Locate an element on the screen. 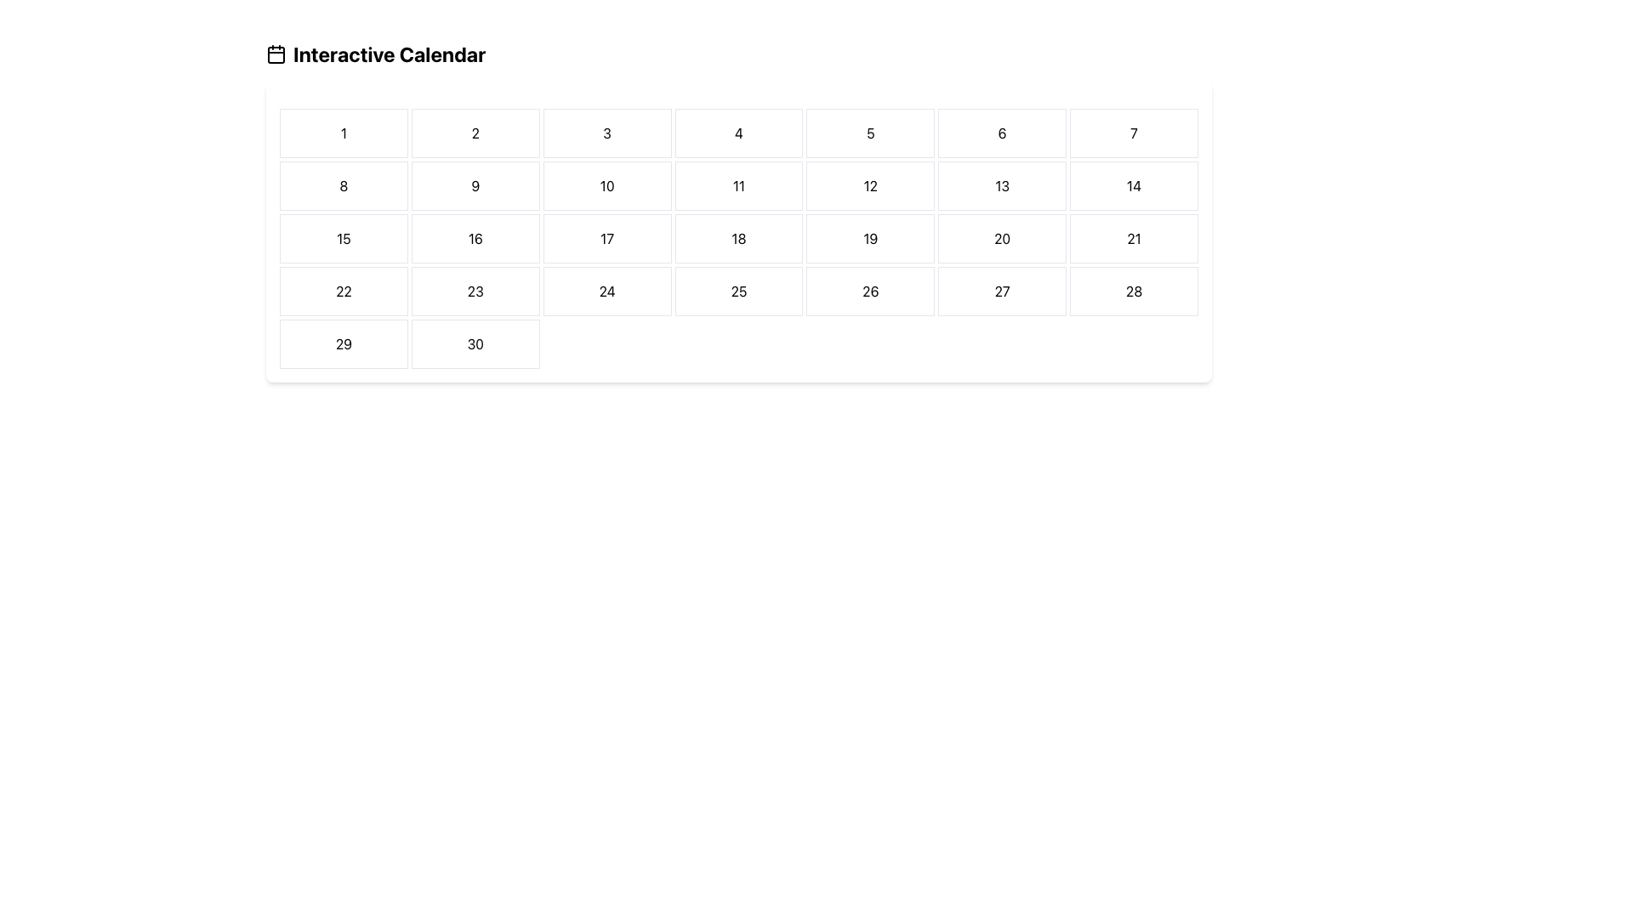  the button-like grid item displaying the number '11', located in the second row and fourth column of the grid layout is located at coordinates (738, 186).